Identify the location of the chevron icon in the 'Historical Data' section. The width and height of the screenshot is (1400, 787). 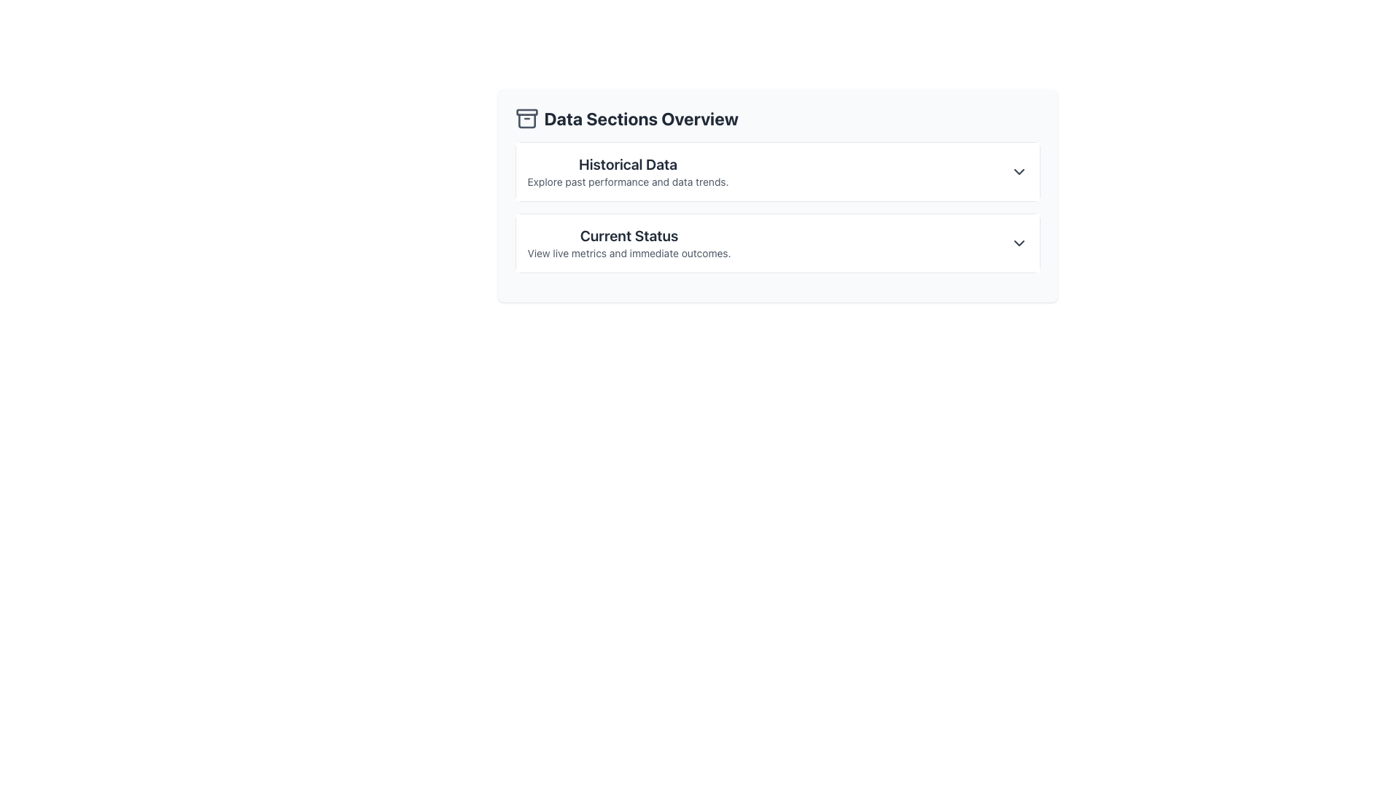
(1018, 171).